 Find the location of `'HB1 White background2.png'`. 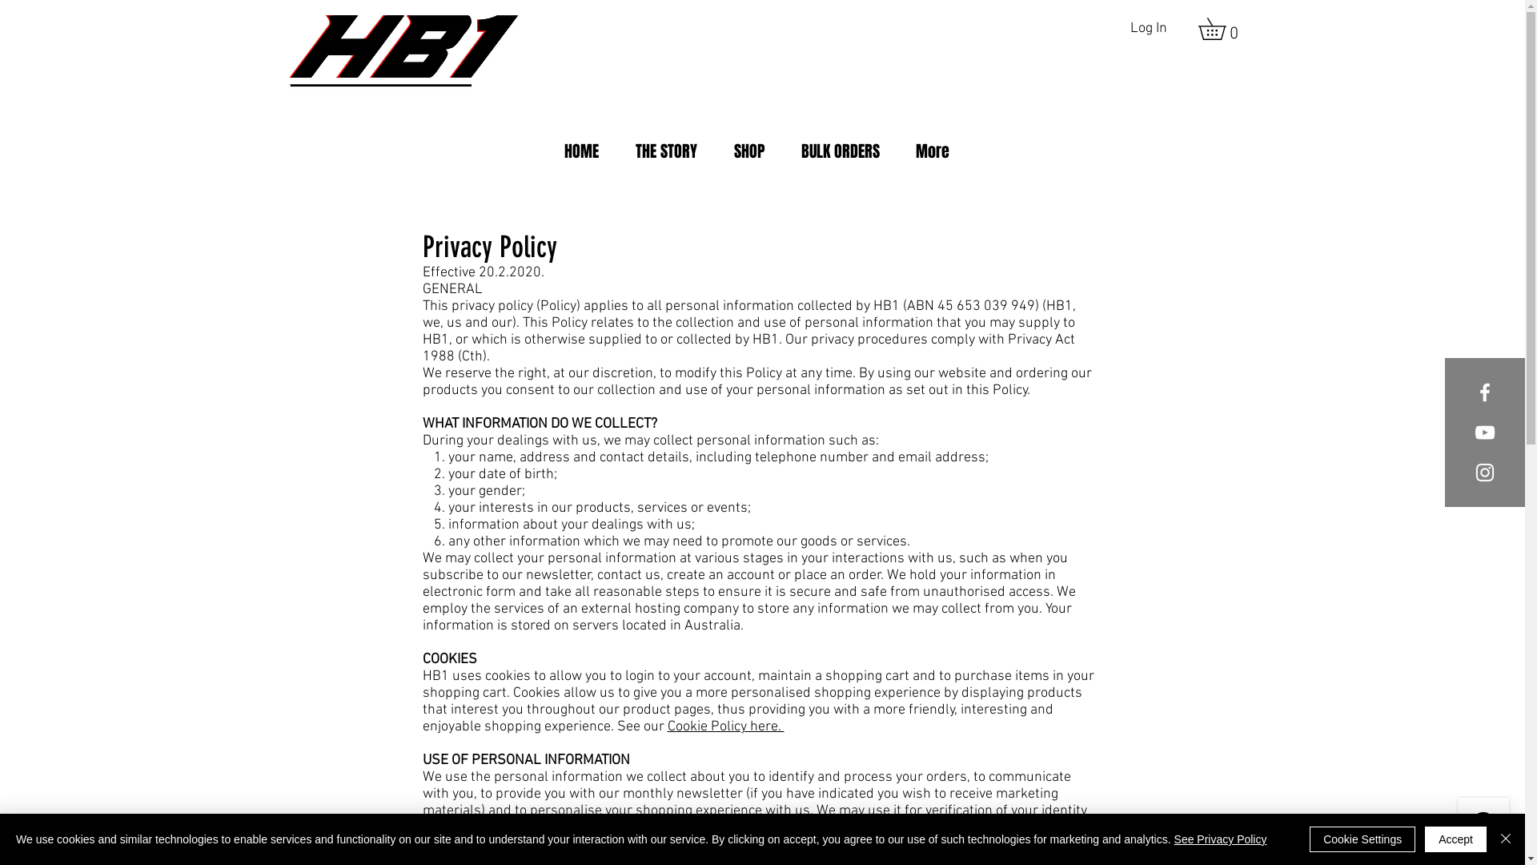

'HB1 White background2.png' is located at coordinates (403, 50).